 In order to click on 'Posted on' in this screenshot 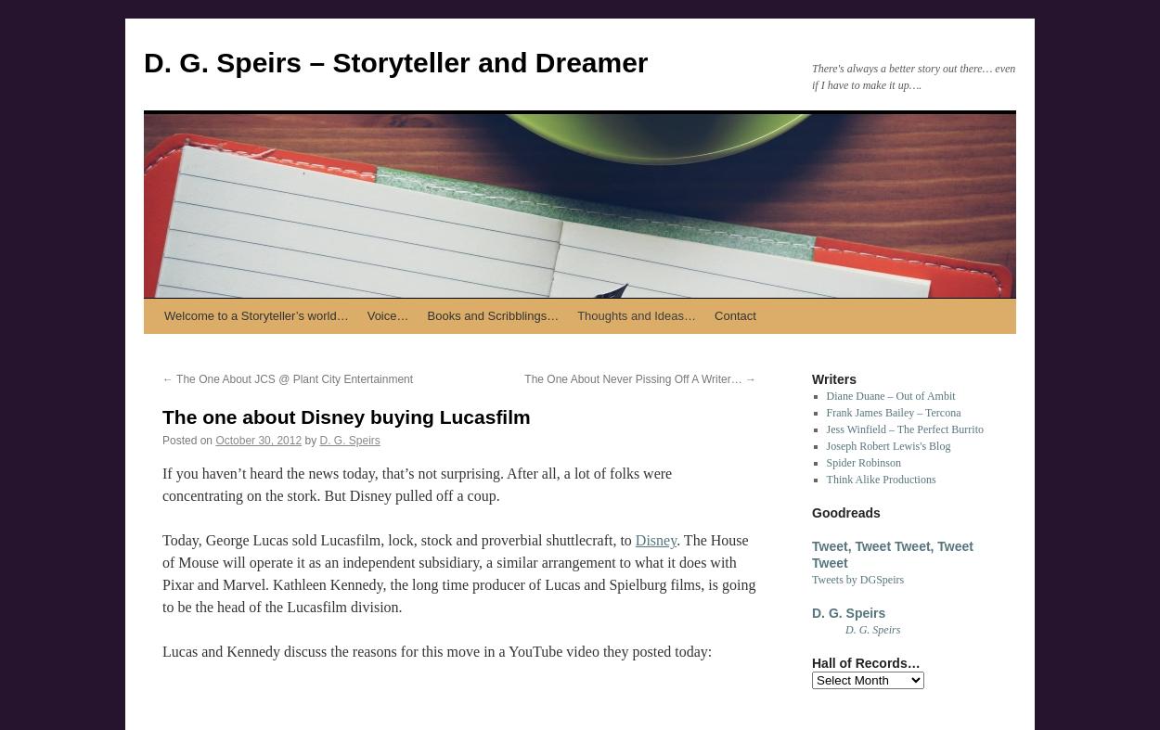, I will do `click(187, 441)`.